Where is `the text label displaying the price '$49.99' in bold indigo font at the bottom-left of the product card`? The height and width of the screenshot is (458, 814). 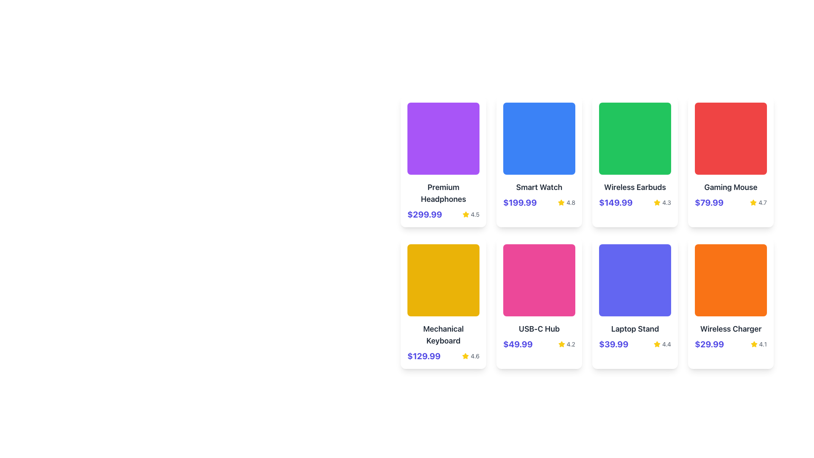 the text label displaying the price '$49.99' in bold indigo font at the bottom-left of the product card is located at coordinates (517, 344).